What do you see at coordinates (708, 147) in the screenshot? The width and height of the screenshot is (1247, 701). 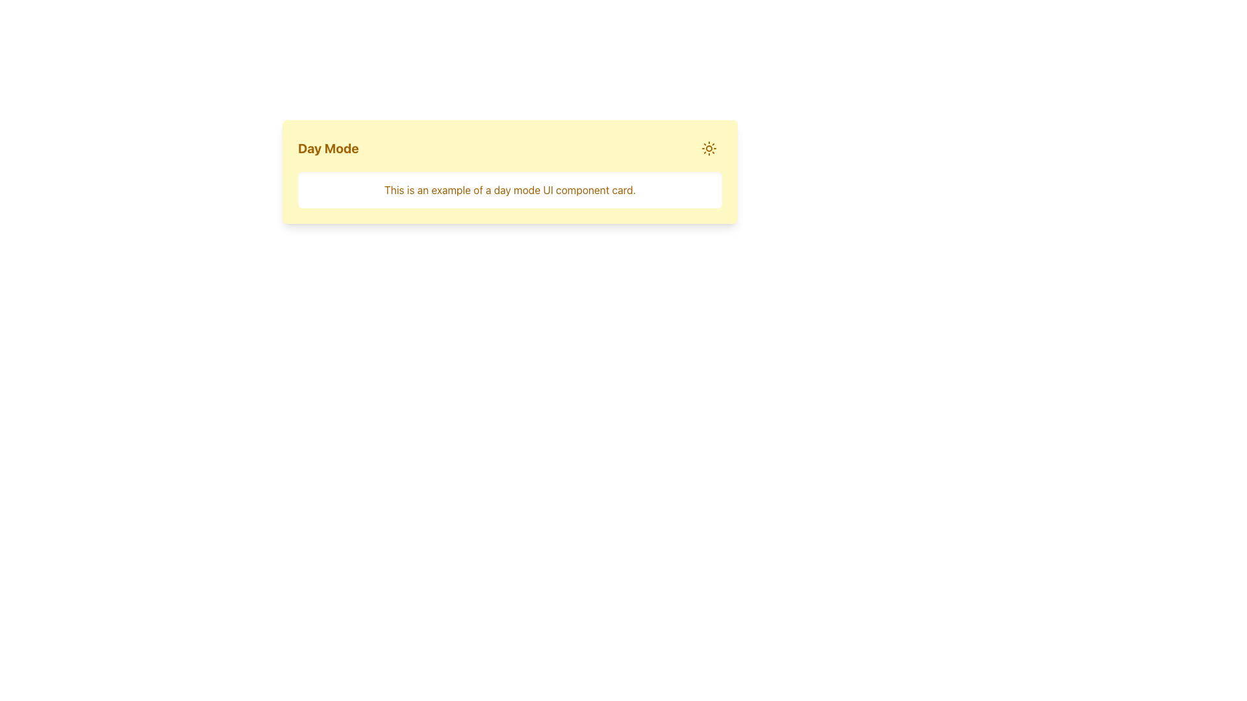 I see `the sun icon` at bounding box center [708, 147].